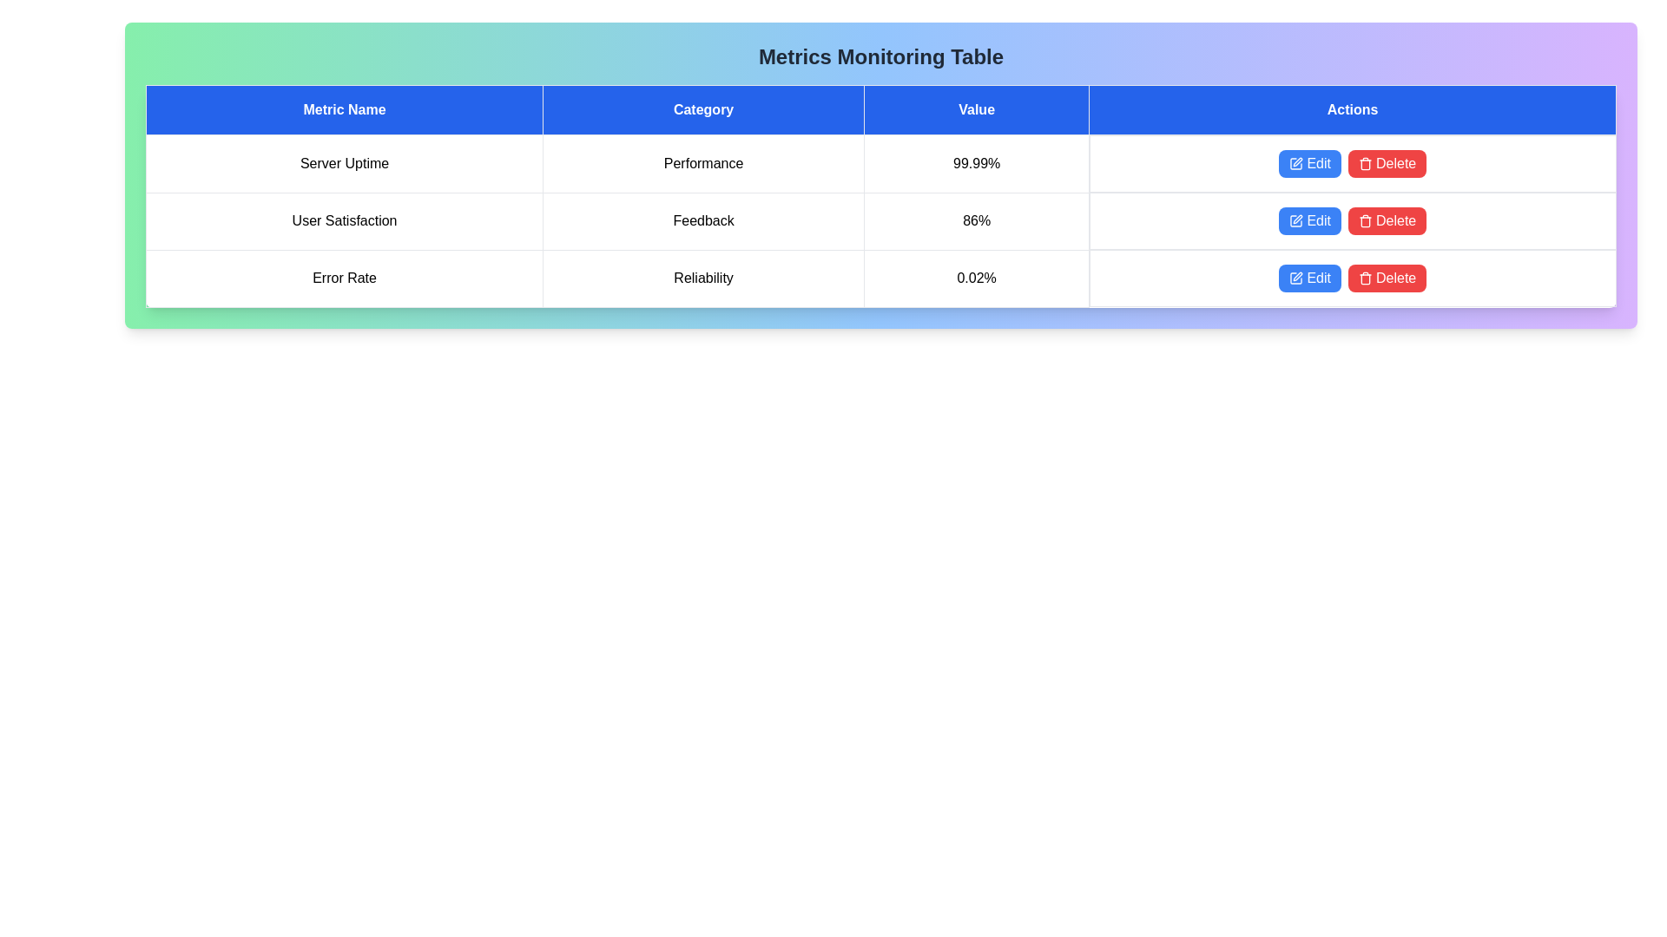  Describe the element at coordinates (1387, 277) in the screenshot. I see `the delete button for the metric entry Error Rate` at that location.